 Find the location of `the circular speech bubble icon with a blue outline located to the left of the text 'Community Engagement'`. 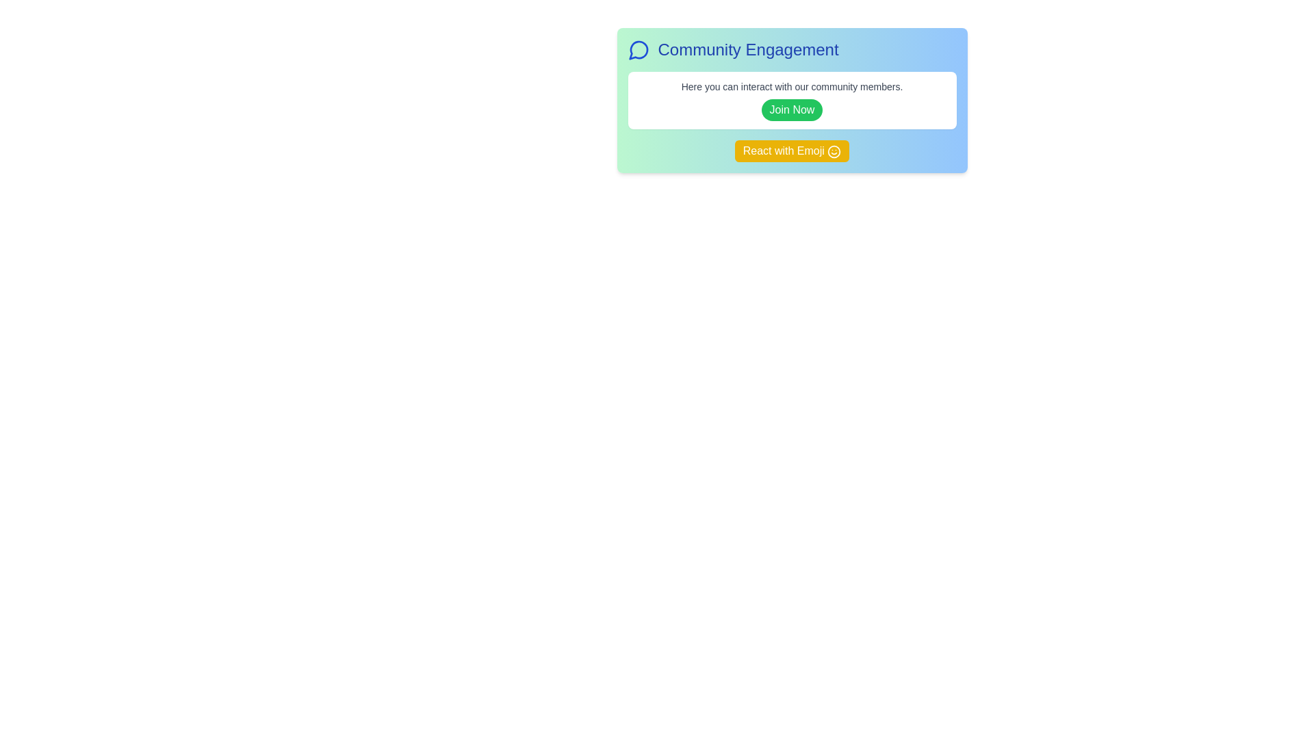

the circular speech bubble icon with a blue outline located to the left of the text 'Community Engagement' is located at coordinates (638, 49).